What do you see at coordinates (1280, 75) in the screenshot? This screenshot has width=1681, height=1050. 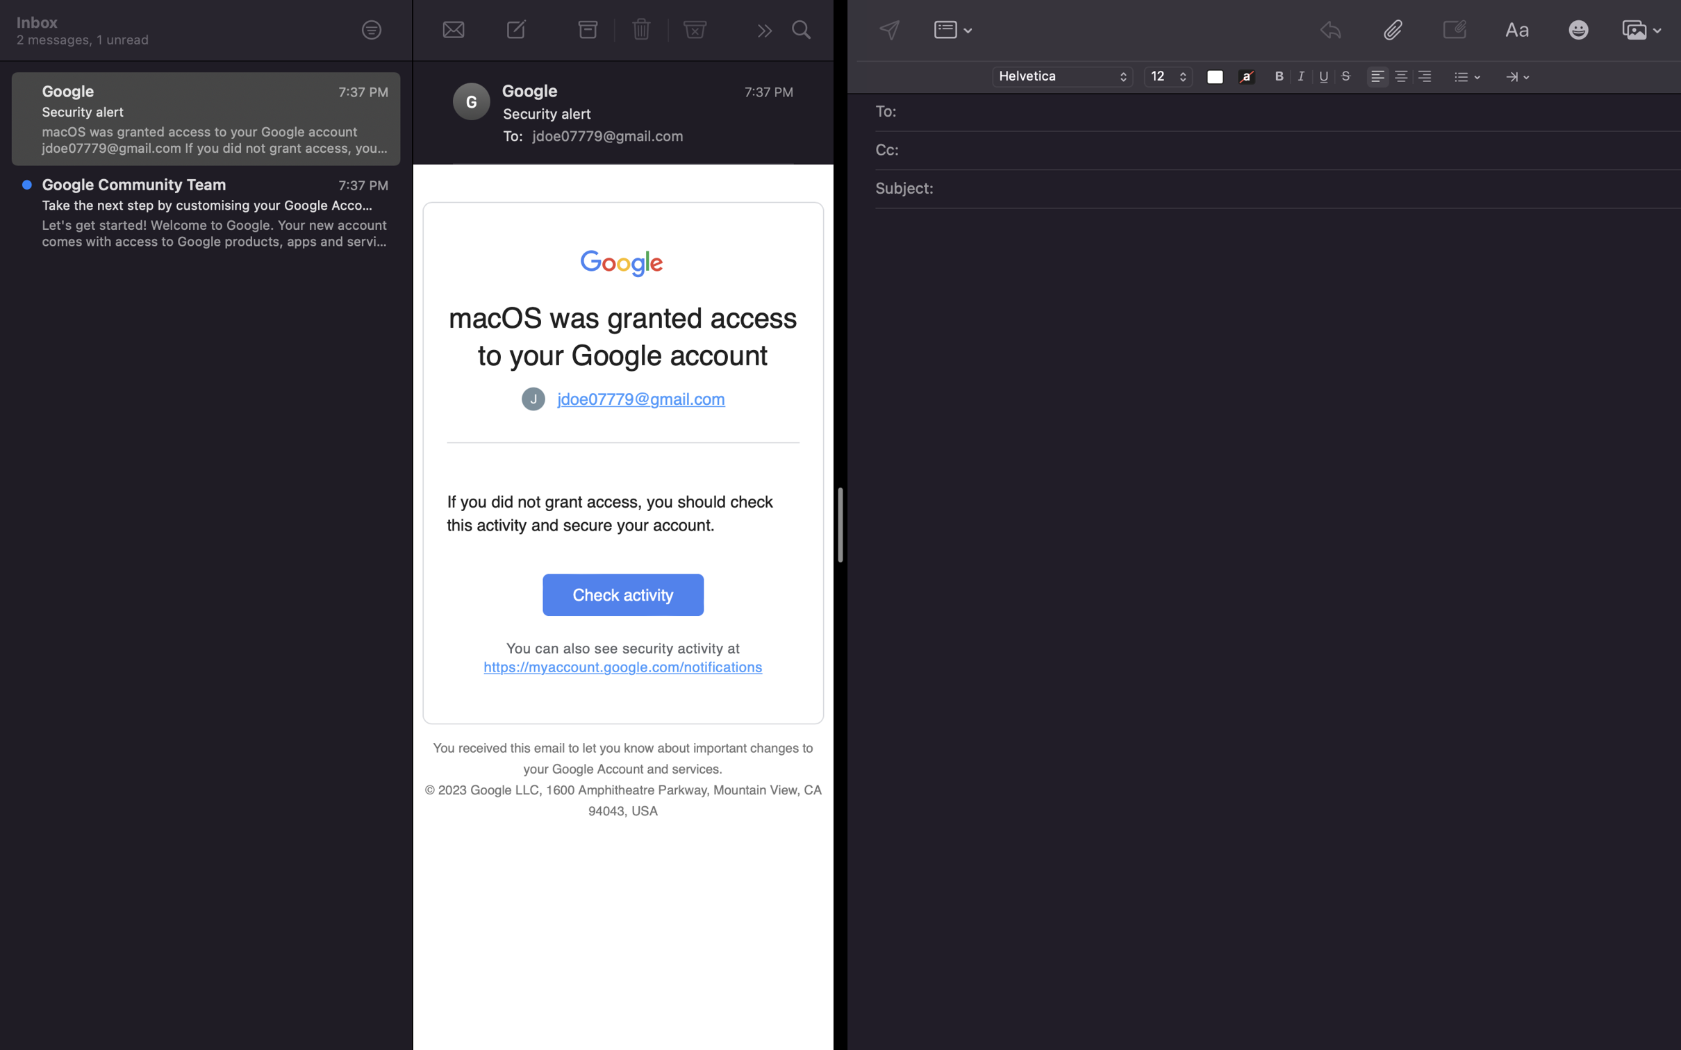 I see `bold formatting to the text and modify the font to a size 21` at bounding box center [1280, 75].